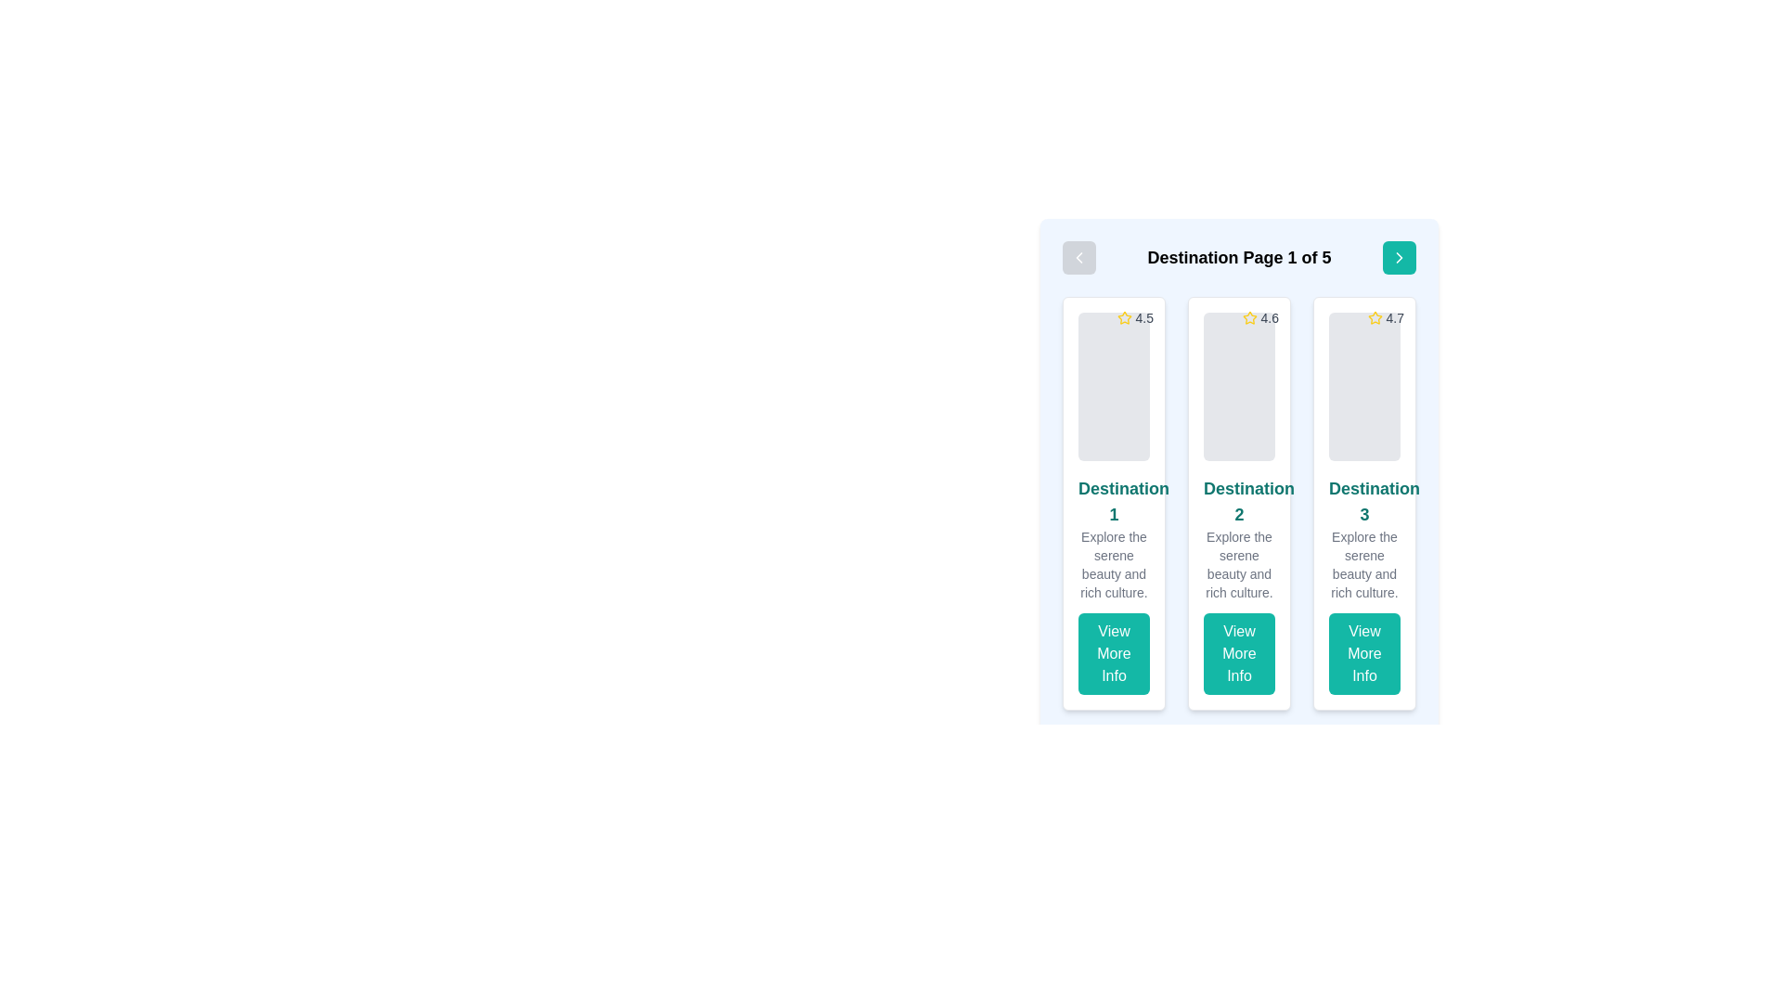 This screenshot has width=1782, height=1002. Describe the element at coordinates (1239, 257) in the screenshot. I see `the Text label that displays 'Page 1 of 5', located centrally within the horizontal bar at the top of the interface` at that location.